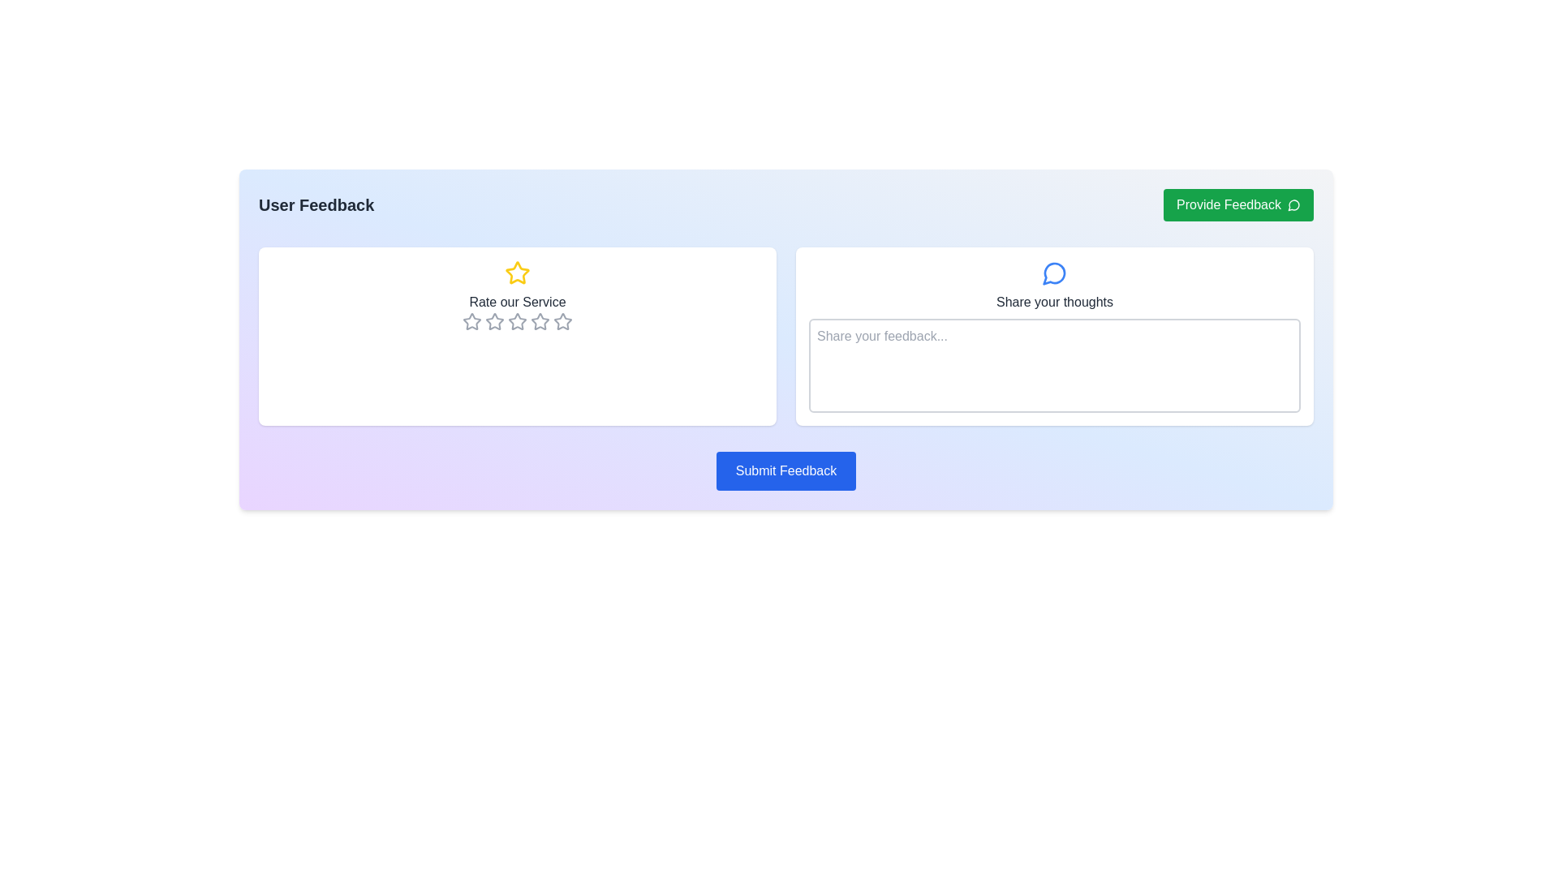 The image size is (1558, 876). What do you see at coordinates (493, 321) in the screenshot?
I see `the second interactive star icon used for rating, which is part of a horizontal sequence under the 'Rate our Service' label in the user feedback form` at bounding box center [493, 321].